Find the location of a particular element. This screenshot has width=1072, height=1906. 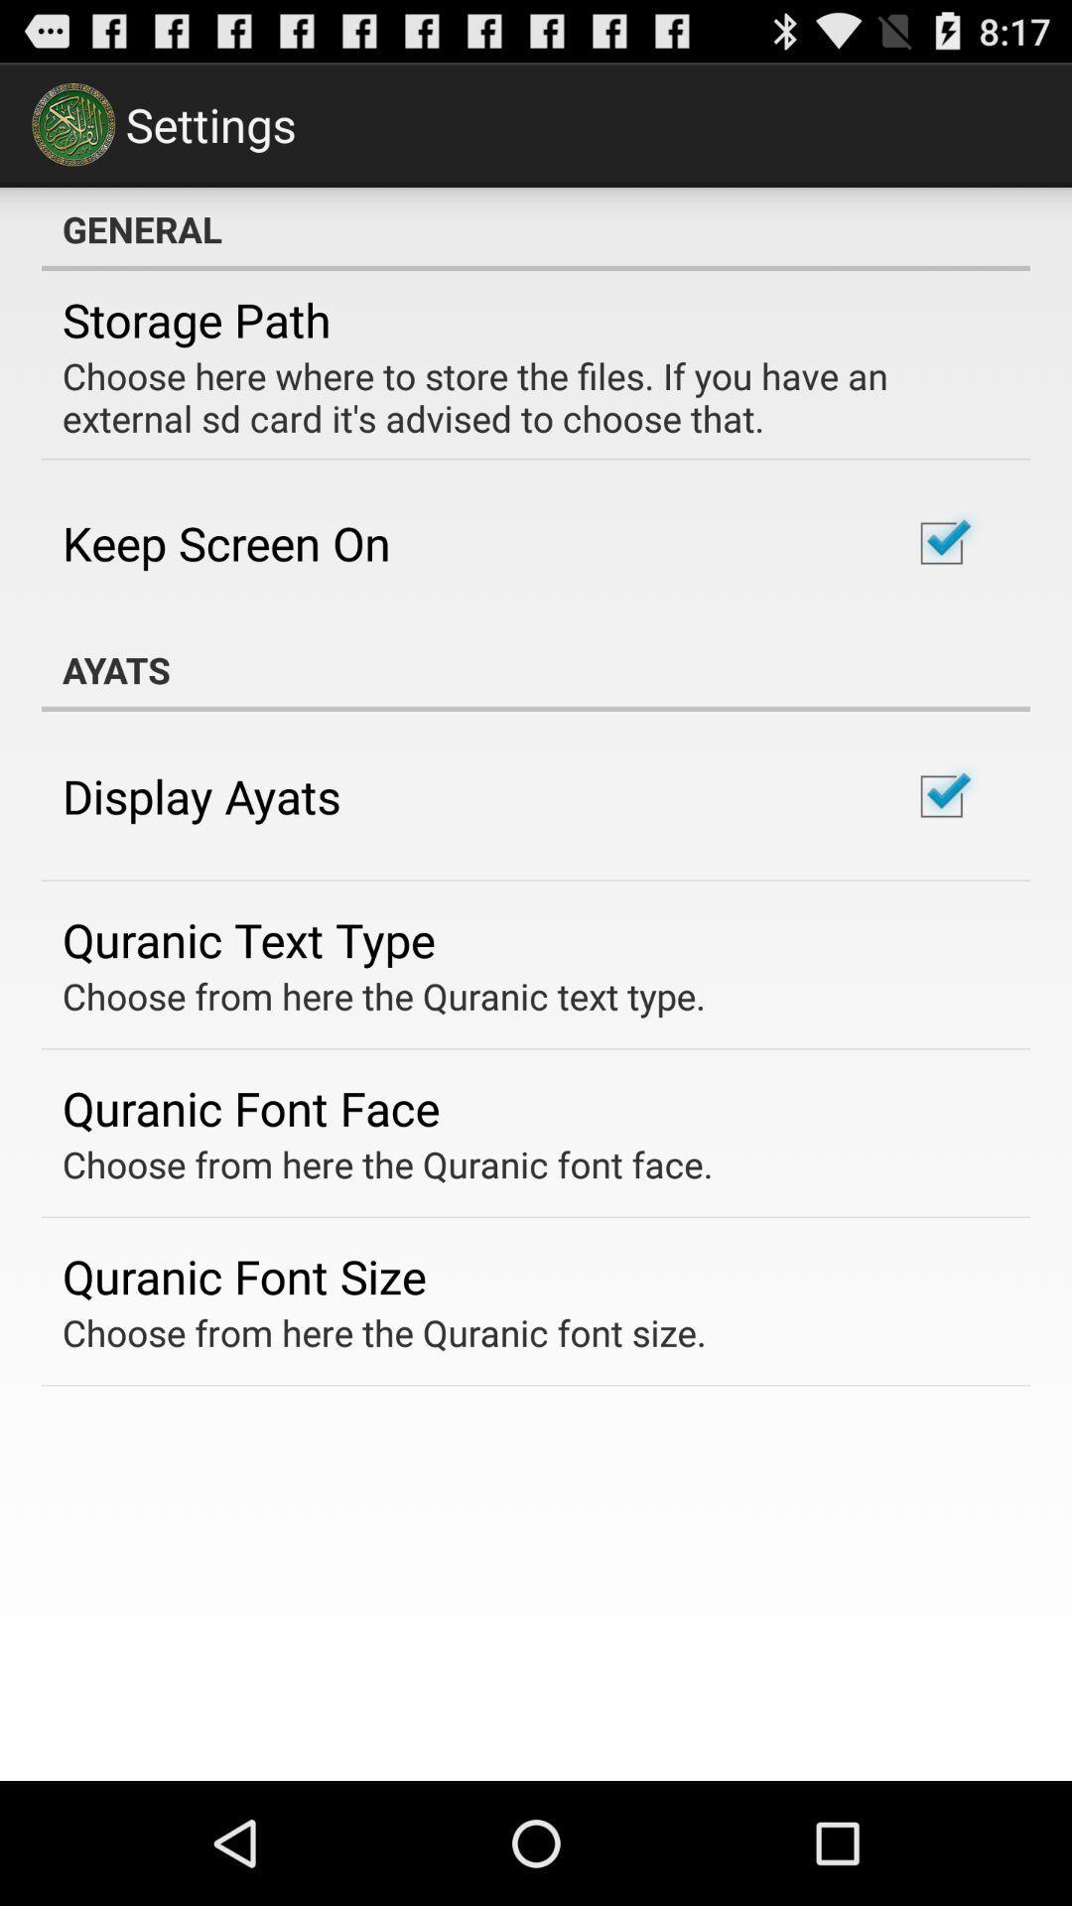

the item below ayats item is located at coordinates (201, 796).